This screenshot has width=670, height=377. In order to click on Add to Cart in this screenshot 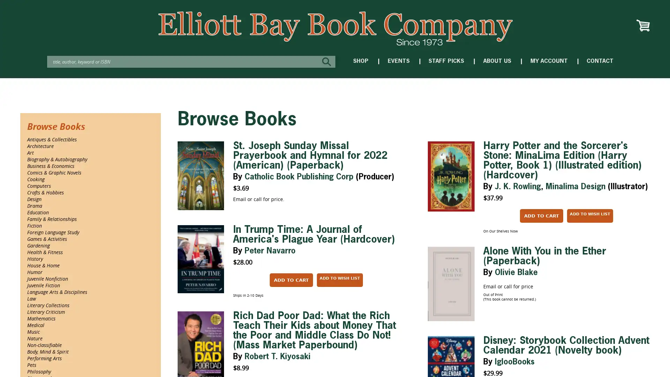, I will do `click(541, 215)`.